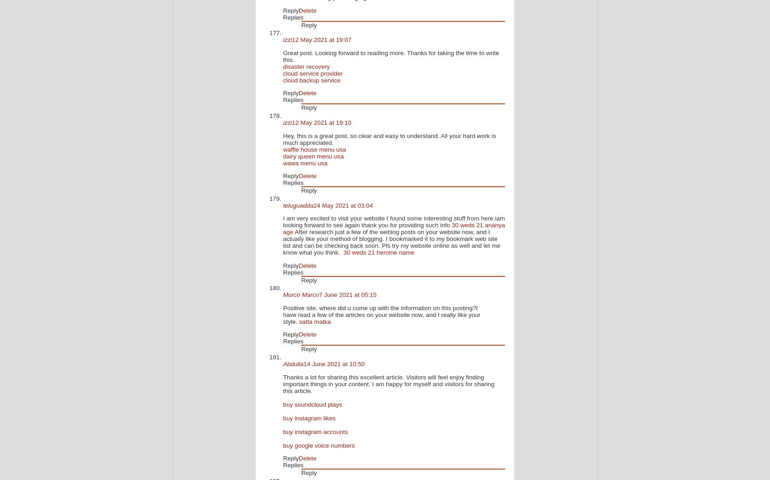 The width and height of the screenshot is (770, 480). What do you see at coordinates (309, 417) in the screenshot?
I see `'buy instagram likes'` at bounding box center [309, 417].